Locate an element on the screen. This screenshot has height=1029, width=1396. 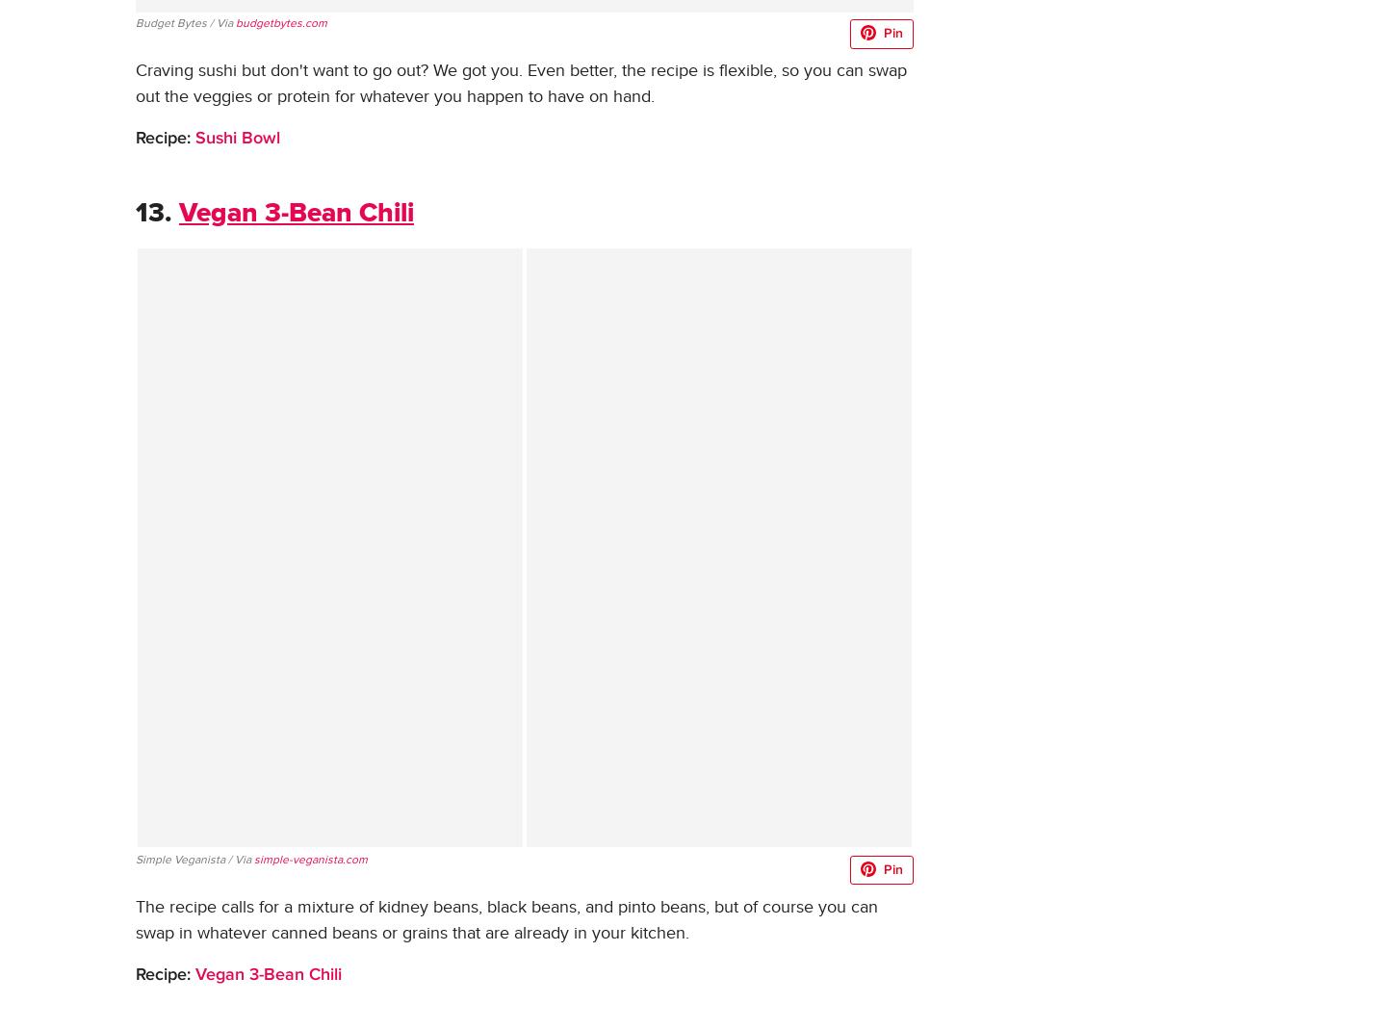
'Sushi Bowl' is located at coordinates (237, 138).